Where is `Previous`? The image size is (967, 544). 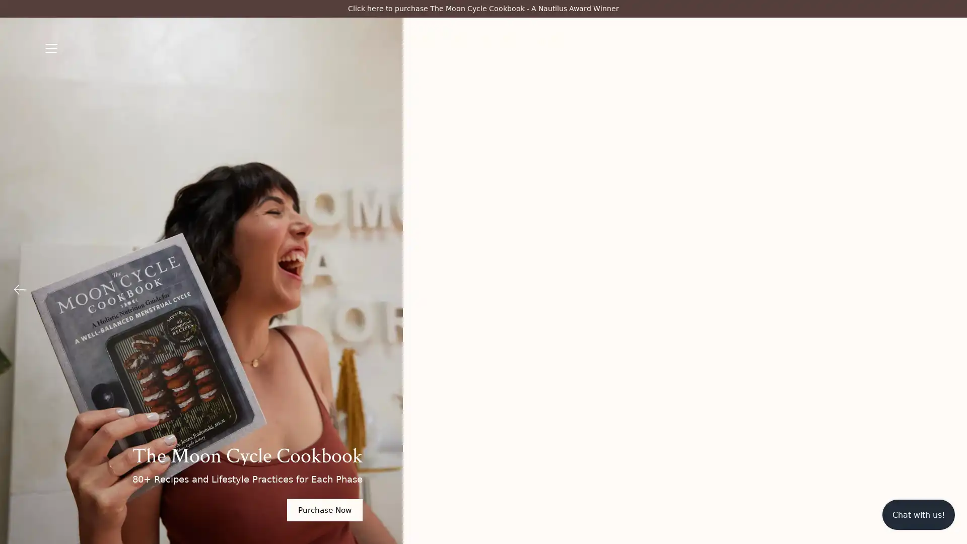 Previous is located at coordinates (20, 289).